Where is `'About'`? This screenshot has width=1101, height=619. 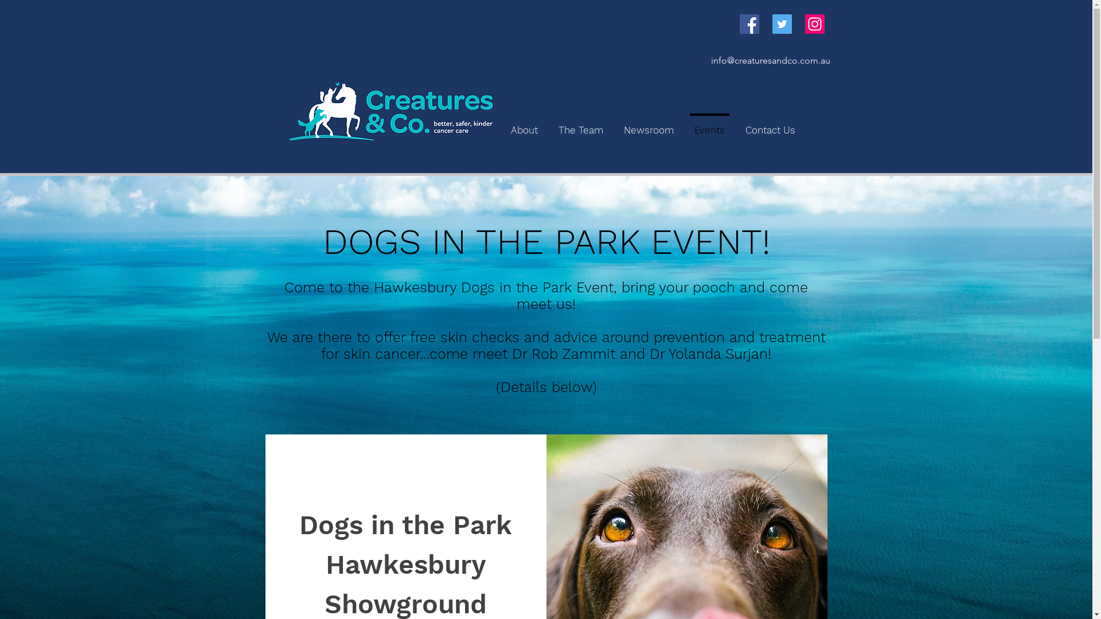 'About' is located at coordinates (523, 125).